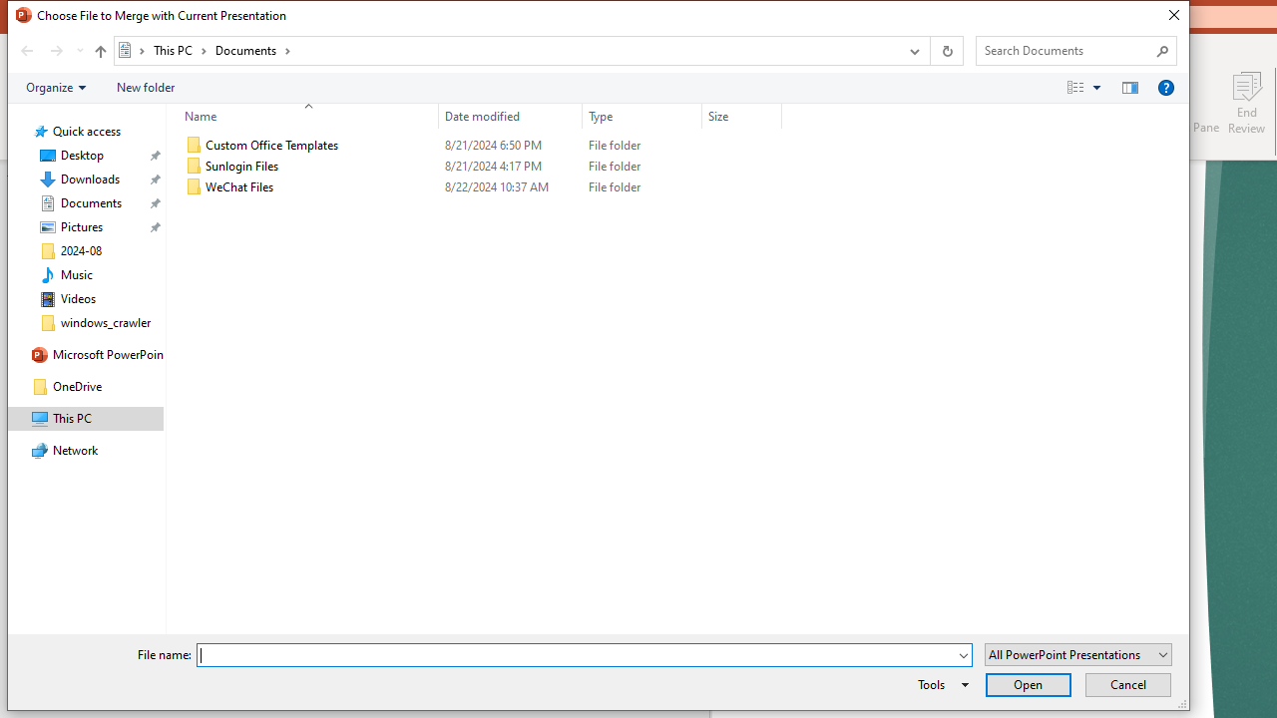  I want to click on 'Filter dropdown', so click(772, 116).